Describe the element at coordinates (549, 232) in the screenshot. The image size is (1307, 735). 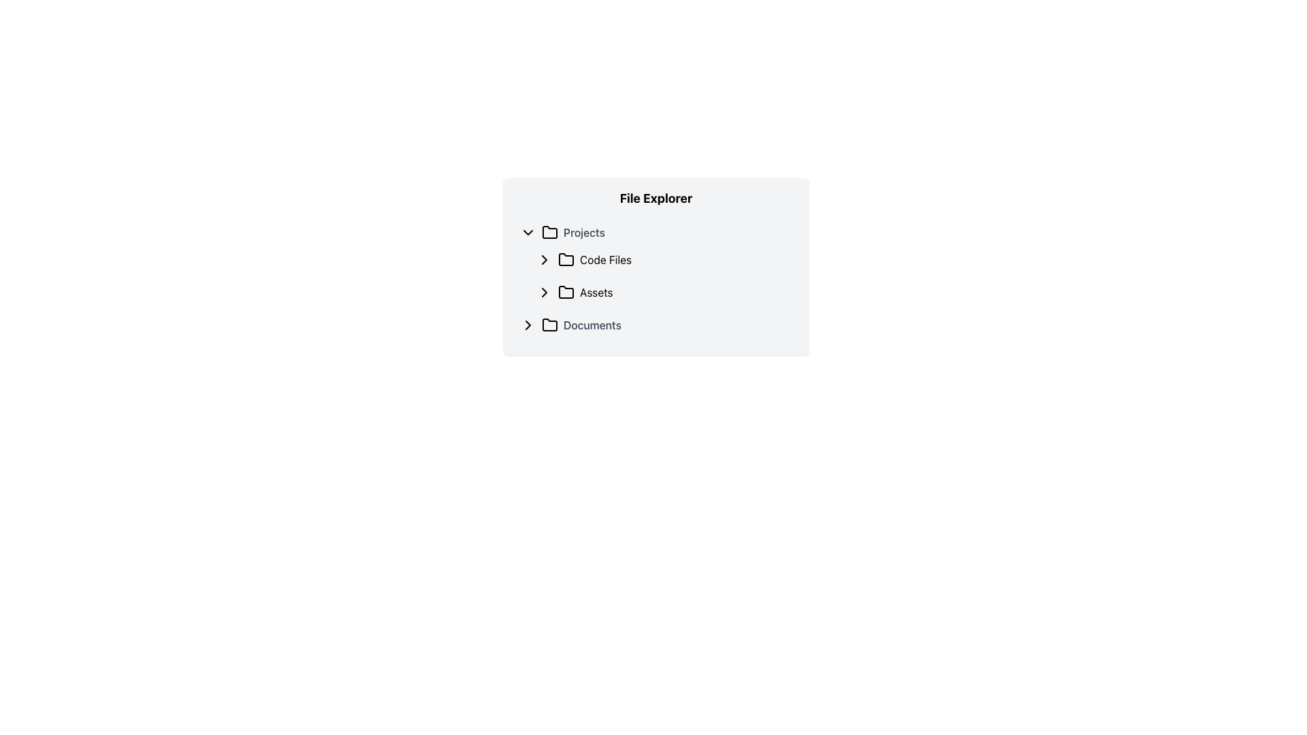
I see `the folder icon representing the 'Projects' section in the file explorer, located to the left of the 'Projects' label and to the right of the chevron icon` at that location.